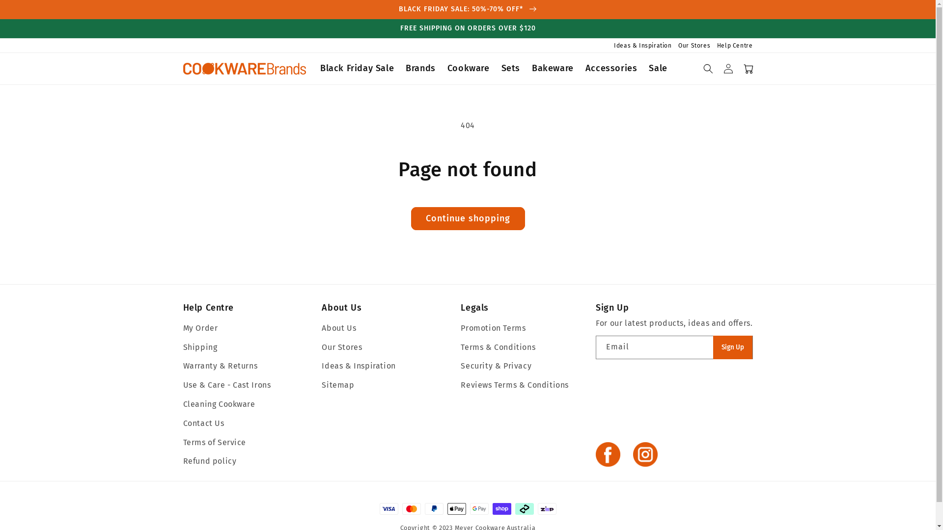 This screenshot has width=943, height=530. I want to click on 'Help Centre', so click(732, 45).